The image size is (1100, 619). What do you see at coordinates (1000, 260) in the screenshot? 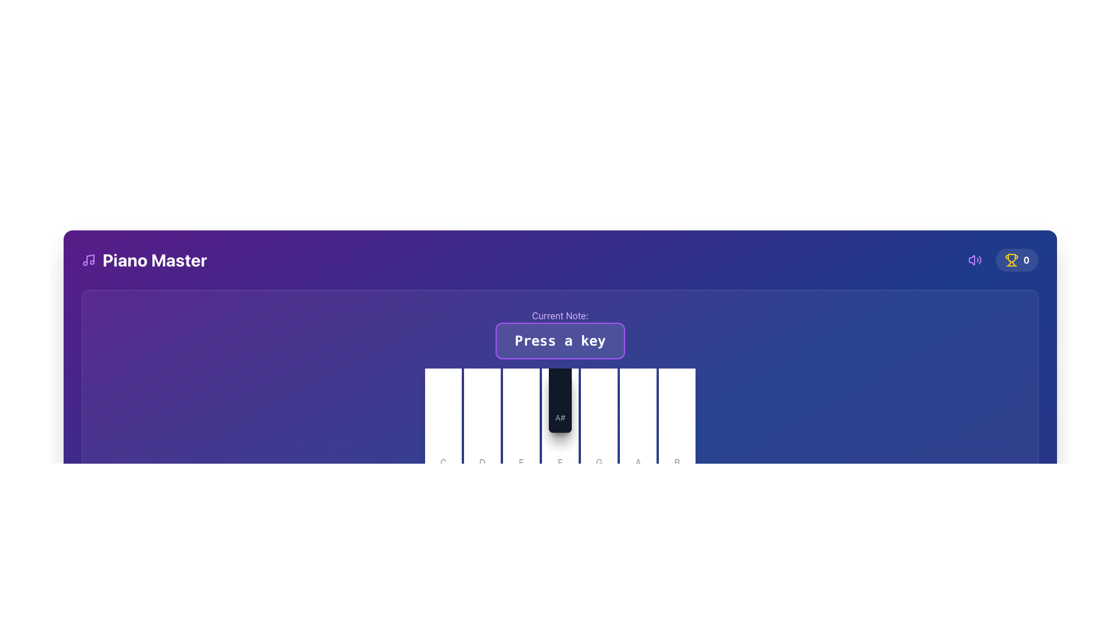
I see `the trophy icon with the text '0' located at the top-right corner of the user interface` at bounding box center [1000, 260].